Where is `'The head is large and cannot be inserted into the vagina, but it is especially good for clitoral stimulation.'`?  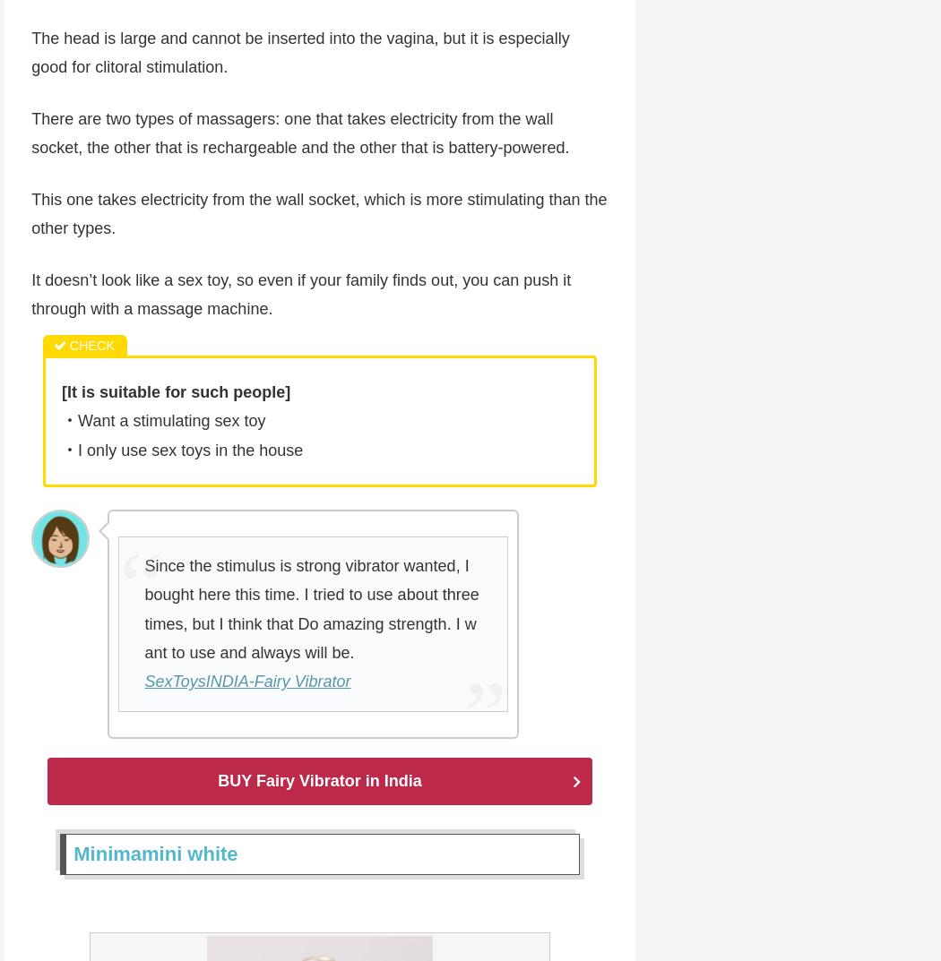 'The head is large and cannot be inserted into the vagina, but it is especially good for clitoral stimulation.' is located at coordinates (299, 53).